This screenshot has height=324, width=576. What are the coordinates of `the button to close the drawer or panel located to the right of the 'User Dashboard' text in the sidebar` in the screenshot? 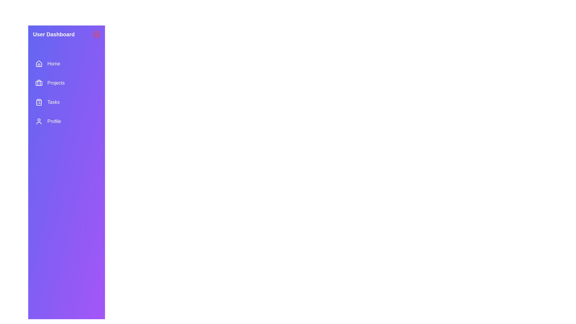 It's located at (96, 34).